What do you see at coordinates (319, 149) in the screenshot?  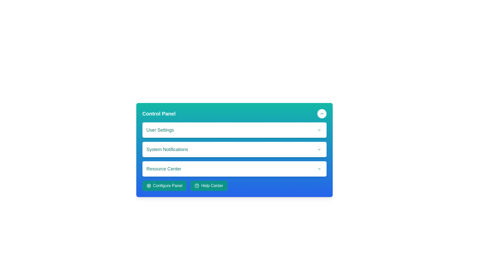 I see `the Chevron-Down icon located at the rightmost position of the 'System Notifications' dropdown button` at bounding box center [319, 149].